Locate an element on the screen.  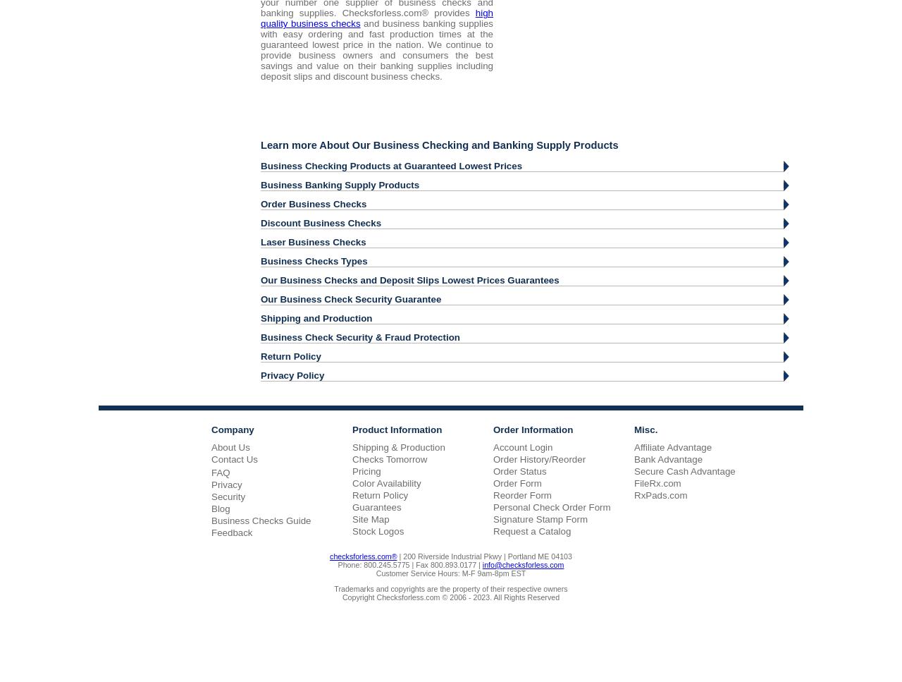
'About Us' is located at coordinates (230, 446).